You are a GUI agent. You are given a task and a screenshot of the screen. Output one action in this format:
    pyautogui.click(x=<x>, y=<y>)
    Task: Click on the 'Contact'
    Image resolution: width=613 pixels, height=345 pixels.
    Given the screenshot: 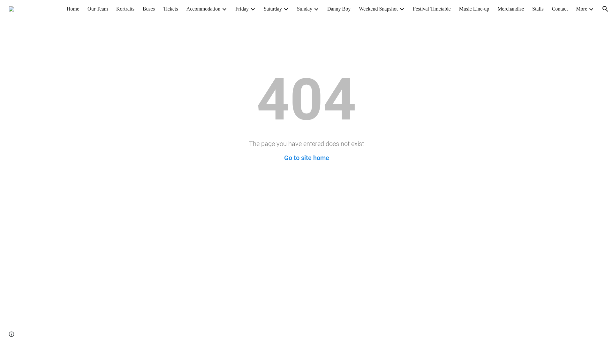 What is the action you would take?
    pyautogui.click(x=559, y=9)
    